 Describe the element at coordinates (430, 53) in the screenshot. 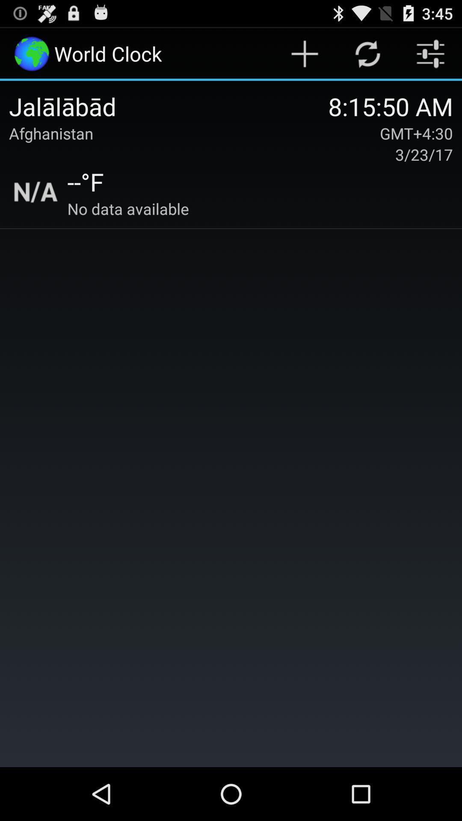

I see `the icon which is right to the refresh icon` at that location.